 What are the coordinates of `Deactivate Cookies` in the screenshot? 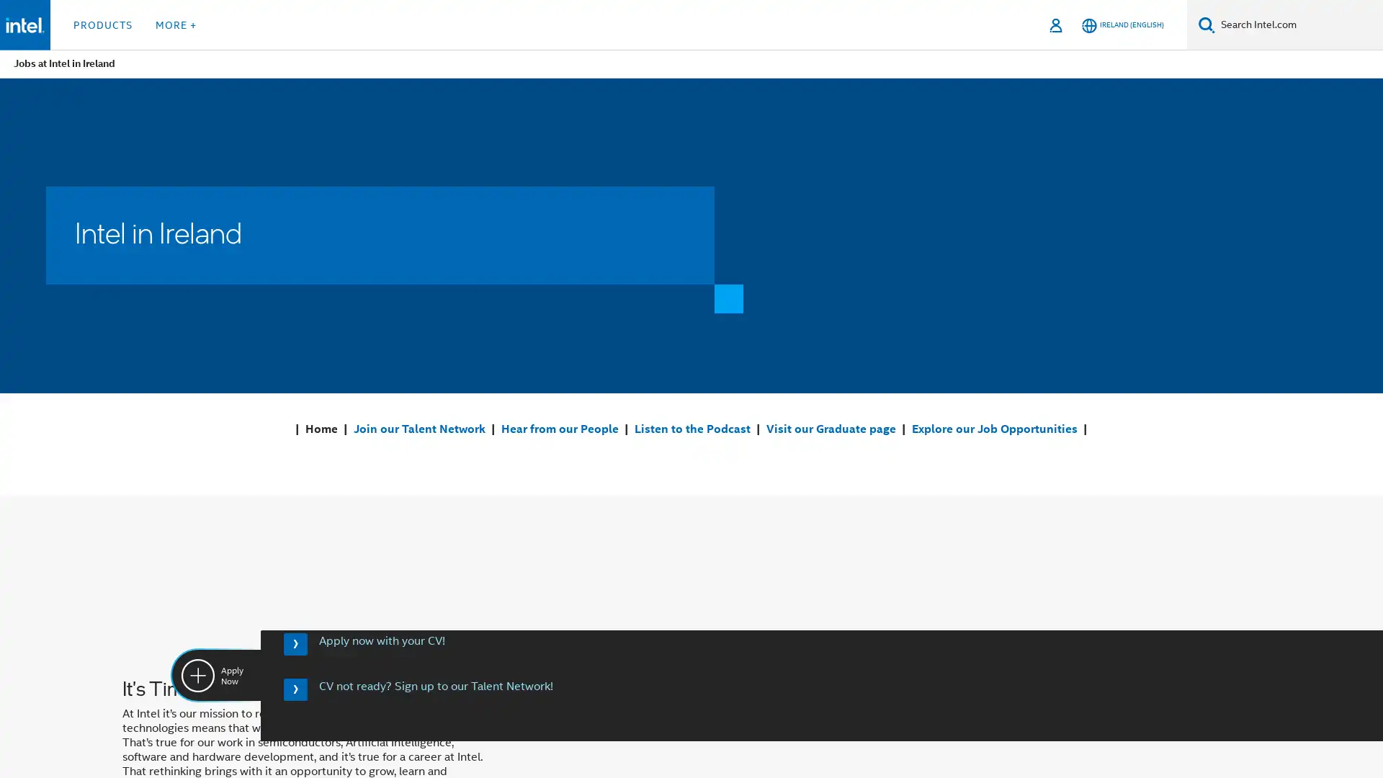 It's located at (1230, 735).